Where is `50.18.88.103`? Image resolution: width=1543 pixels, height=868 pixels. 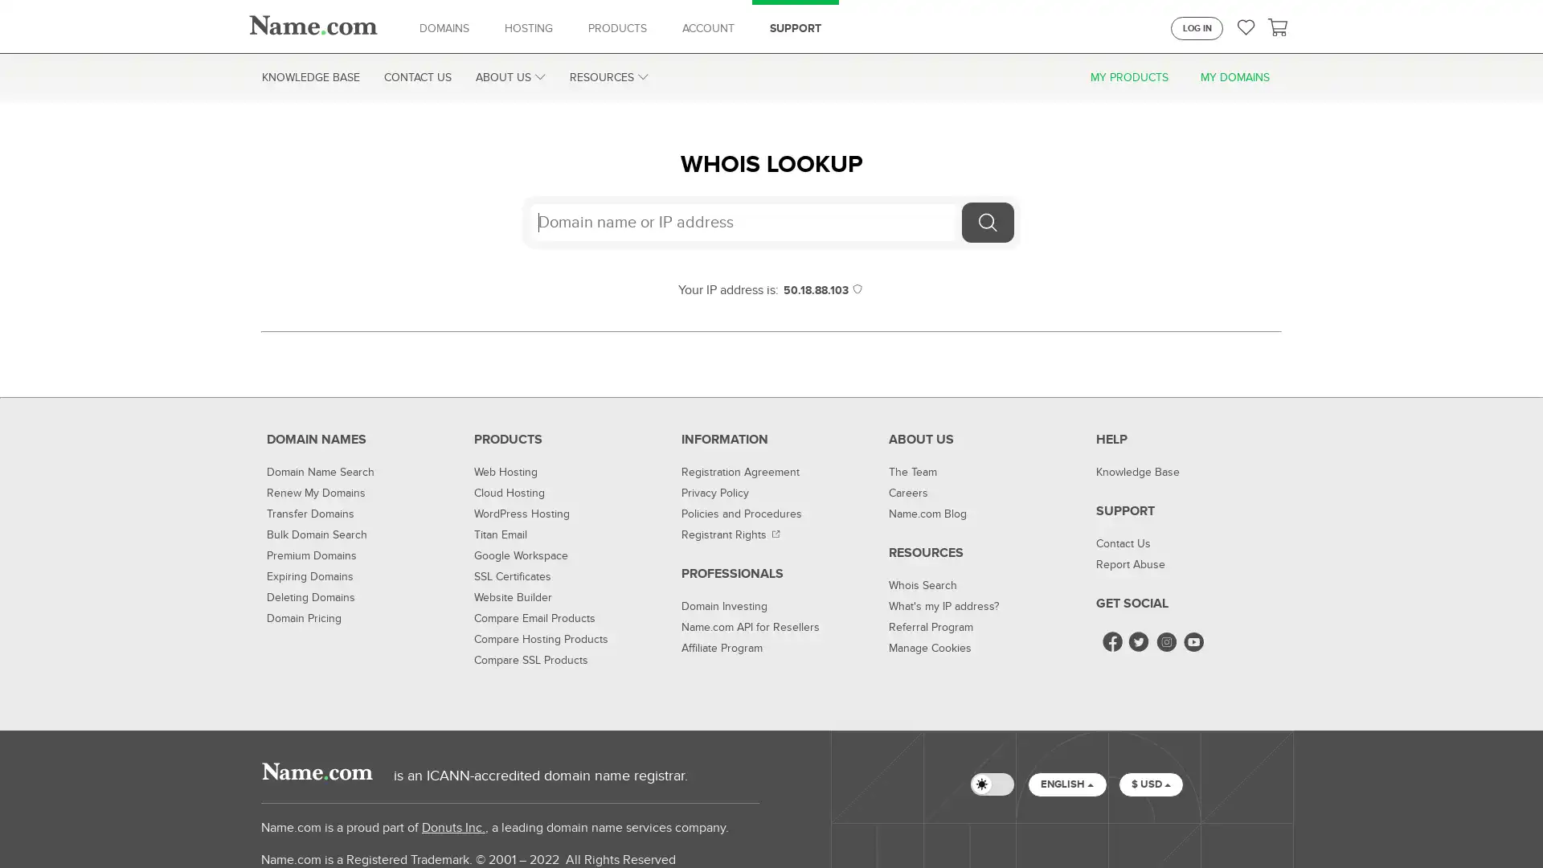 50.18.88.103 is located at coordinates (823, 290).